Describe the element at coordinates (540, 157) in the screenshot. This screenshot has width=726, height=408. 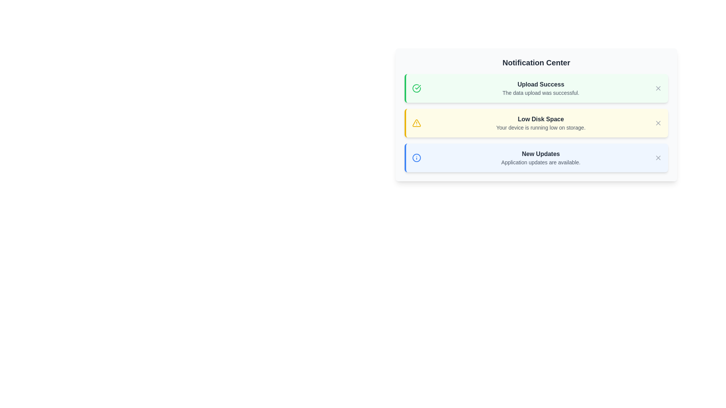
I see `the Static Information Text element with the title 'New Updates' and description 'Application updates are available.' located in the Notification Center panel` at that location.